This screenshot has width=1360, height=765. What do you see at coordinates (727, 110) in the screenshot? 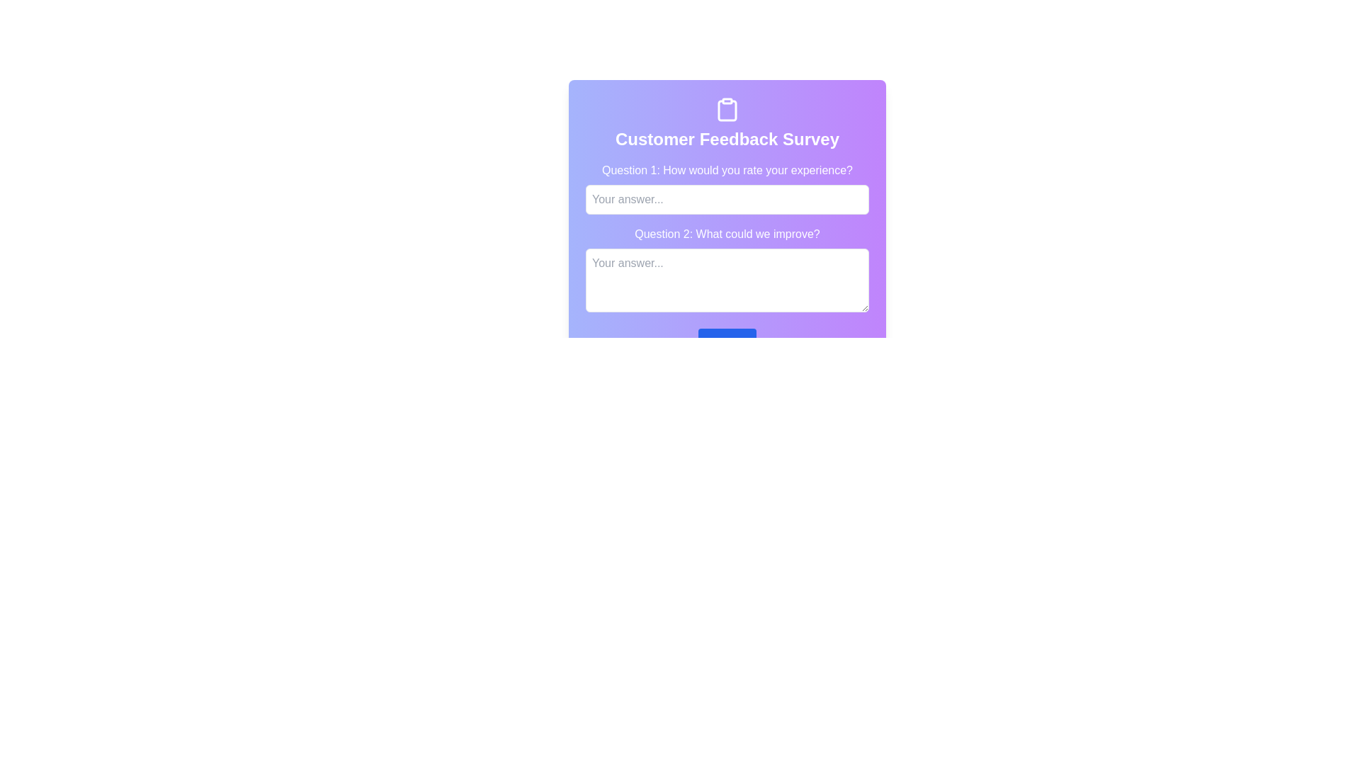
I see `the decorative icon located above the 'Customer Feedback Survey' heading at the top of the survey interface` at bounding box center [727, 110].